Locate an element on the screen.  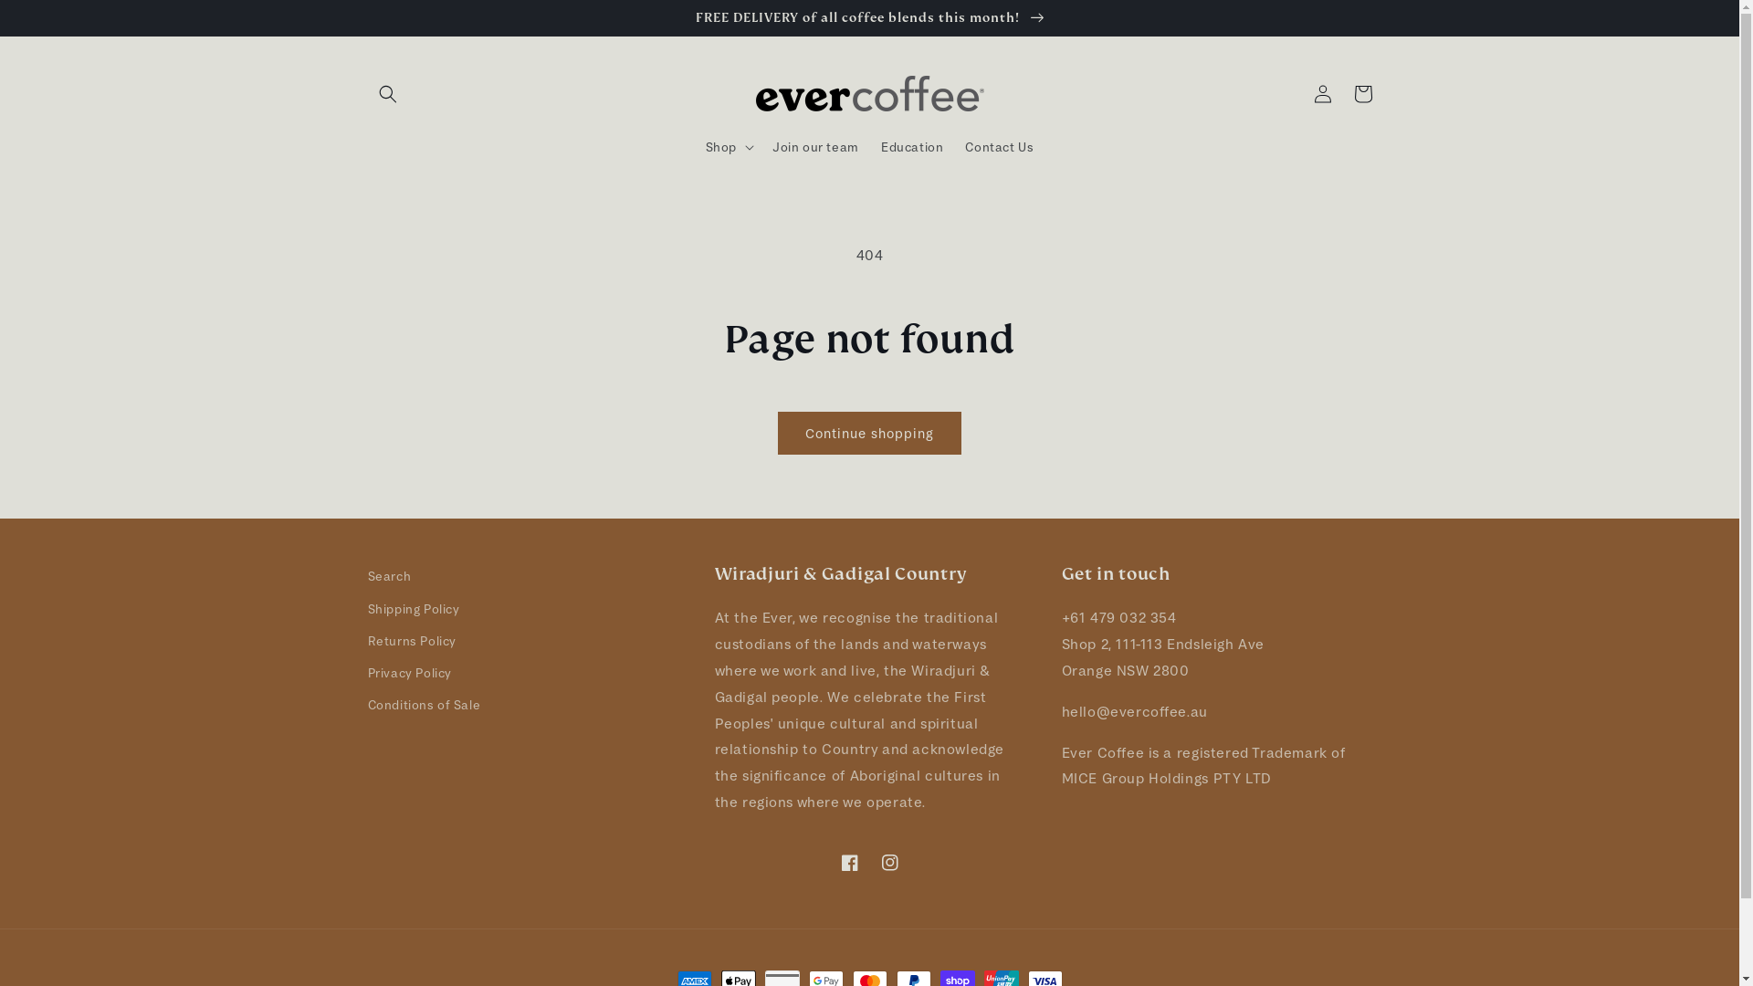
'Cart' is located at coordinates (1341, 94).